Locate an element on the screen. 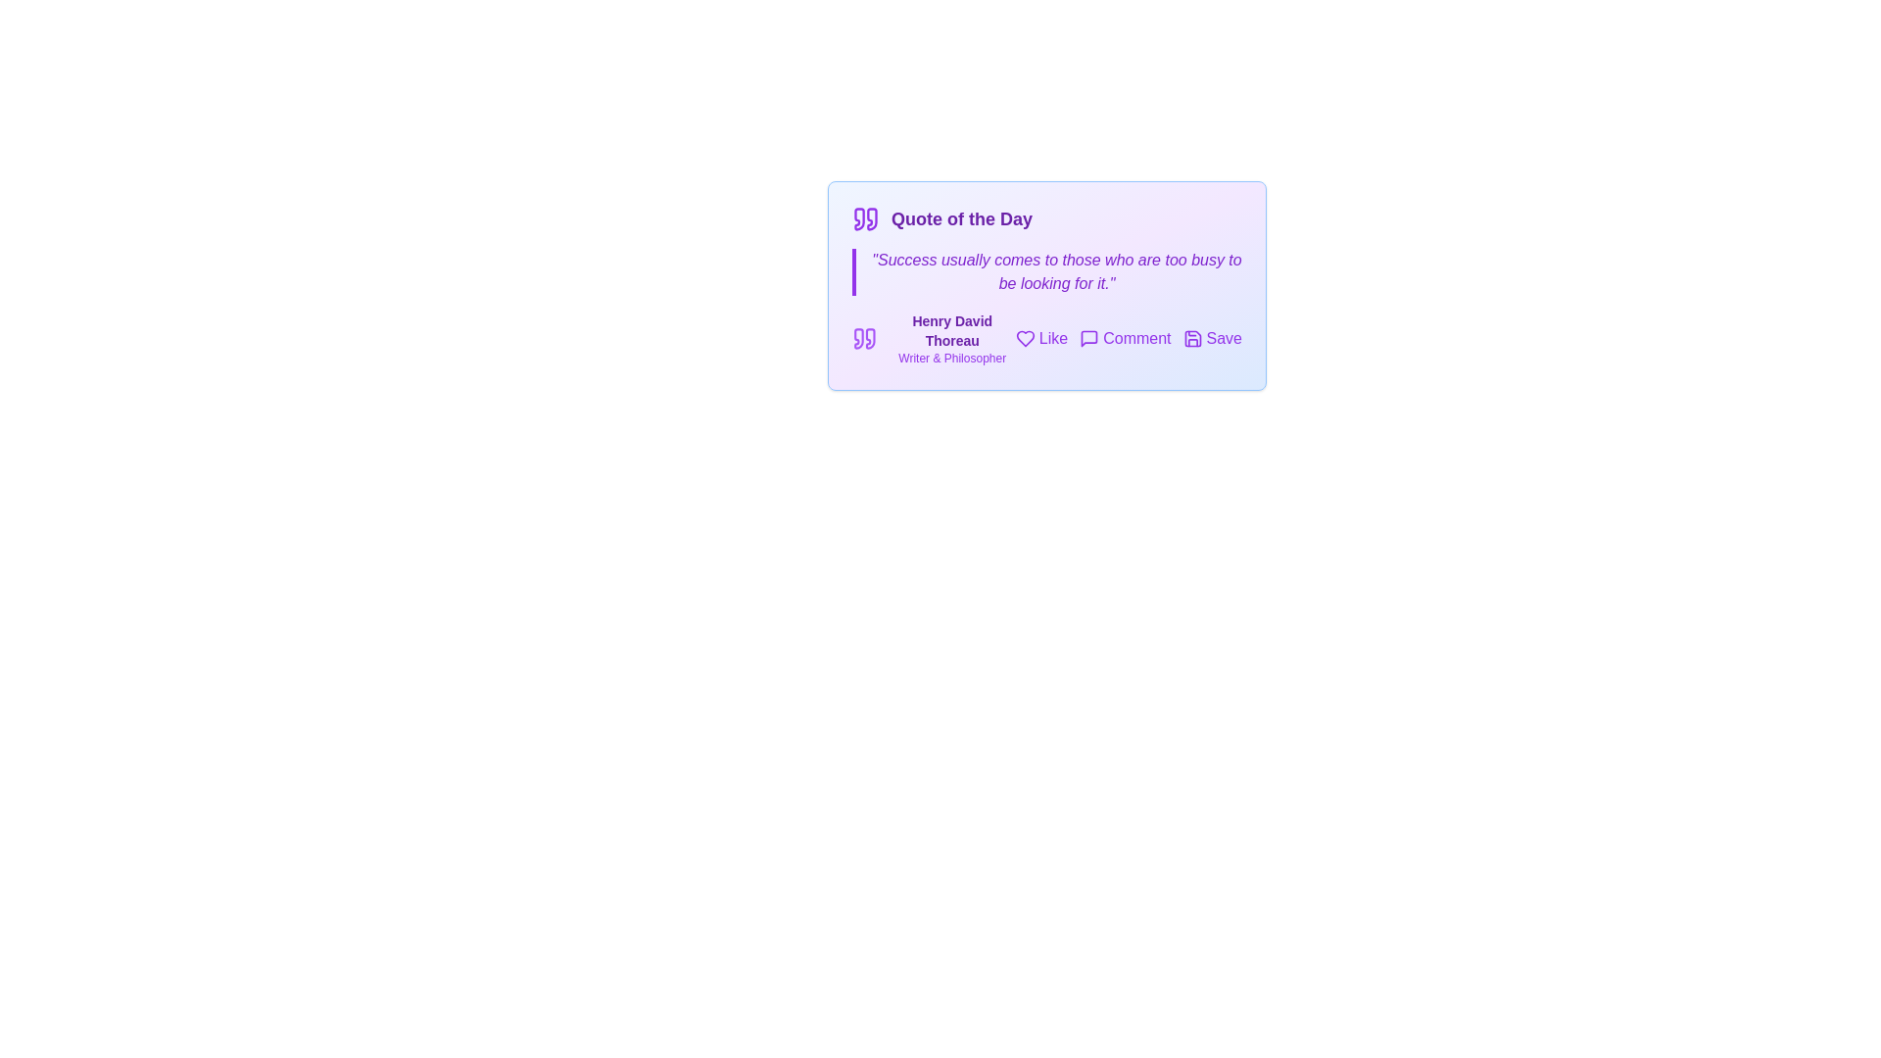 The height and width of the screenshot is (1058, 1881). the 'Comment' text label, which is a purple font element located next to a speech bubble icon and to the left of the 'Save' button is located at coordinates (1136, 338).